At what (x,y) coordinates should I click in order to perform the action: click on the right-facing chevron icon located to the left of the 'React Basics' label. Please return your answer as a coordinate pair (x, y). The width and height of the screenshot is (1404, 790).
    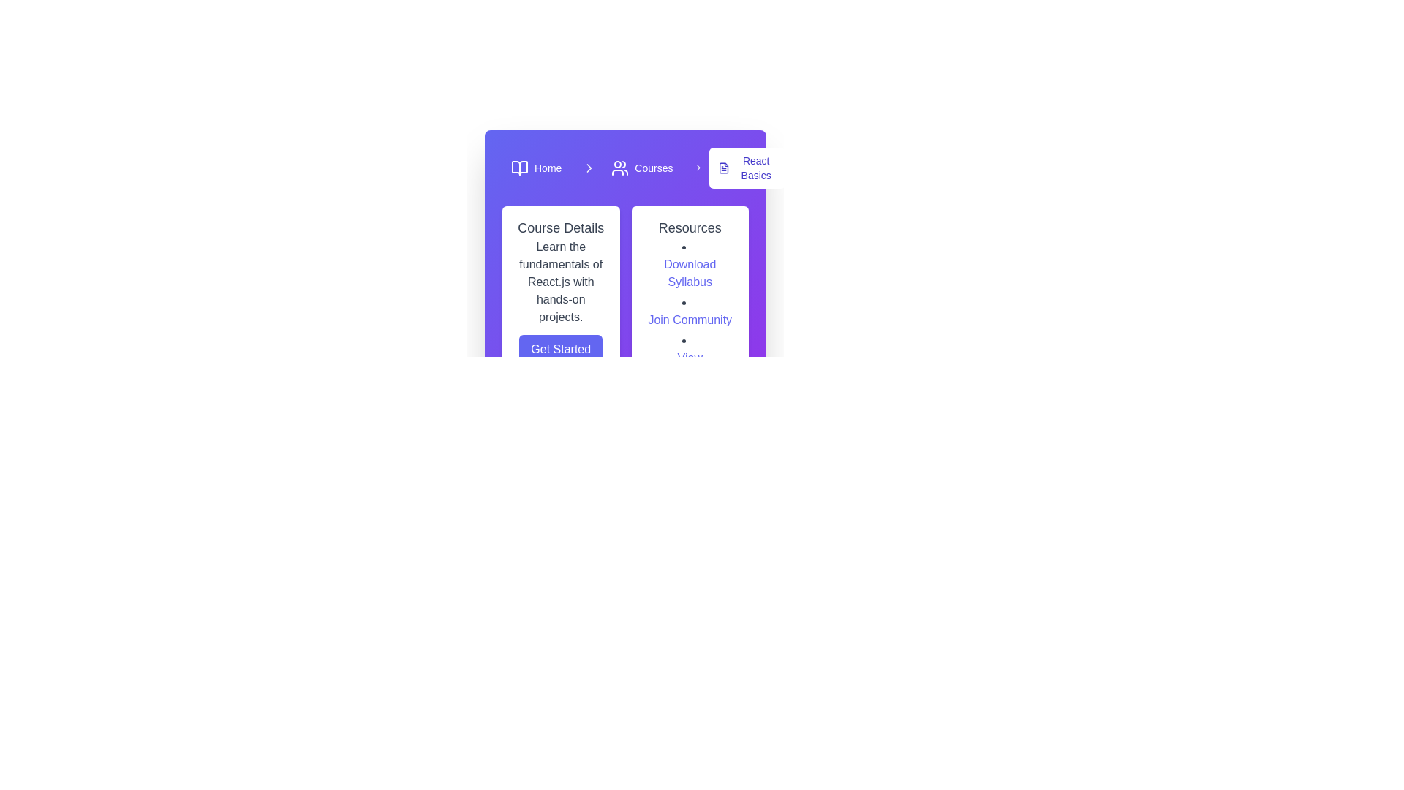
    Looking at the image, I should click on (698, 168).